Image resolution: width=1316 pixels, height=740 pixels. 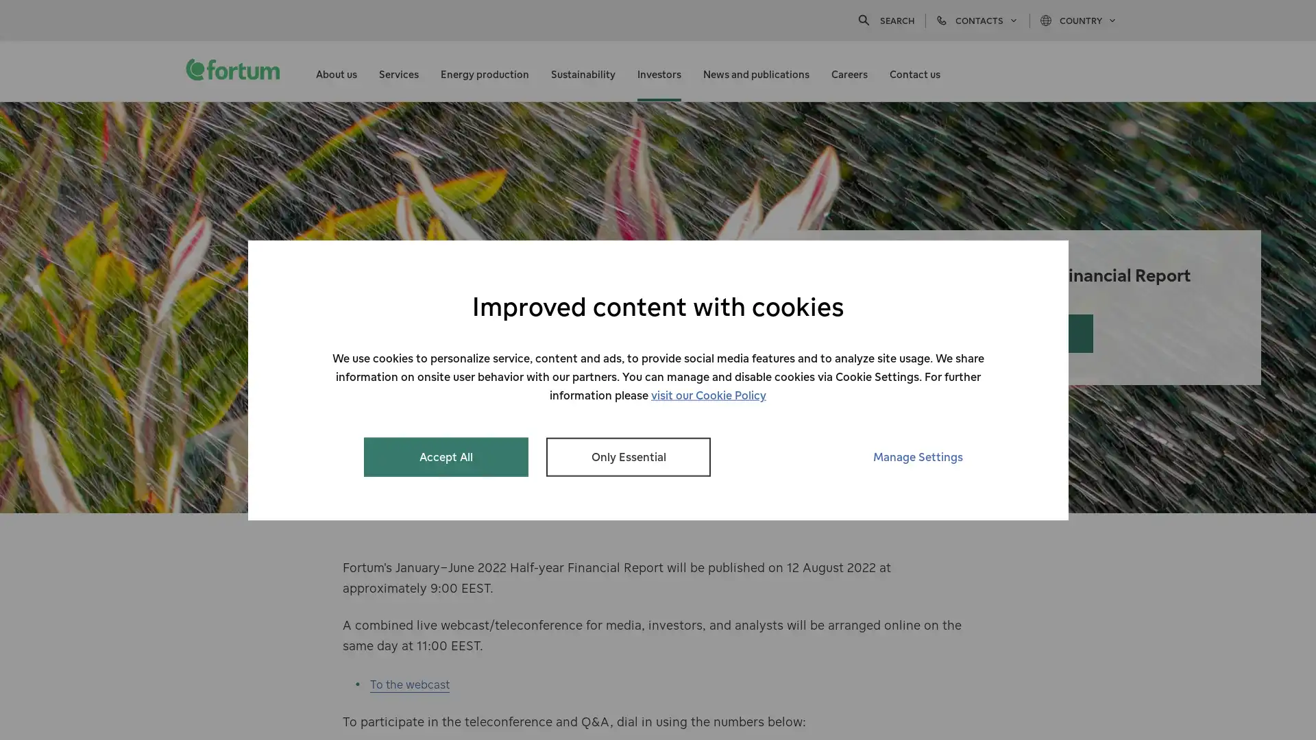 I want to click on Energy production, so click(x=485, y=71).